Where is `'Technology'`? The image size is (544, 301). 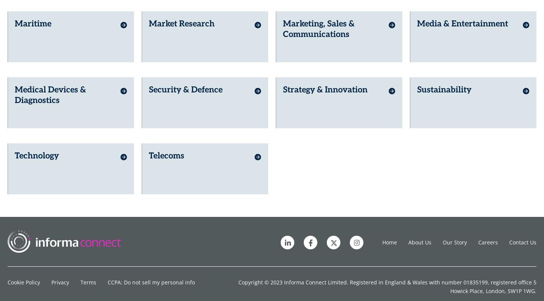 'Technology' is located at coordinates (37, 150).